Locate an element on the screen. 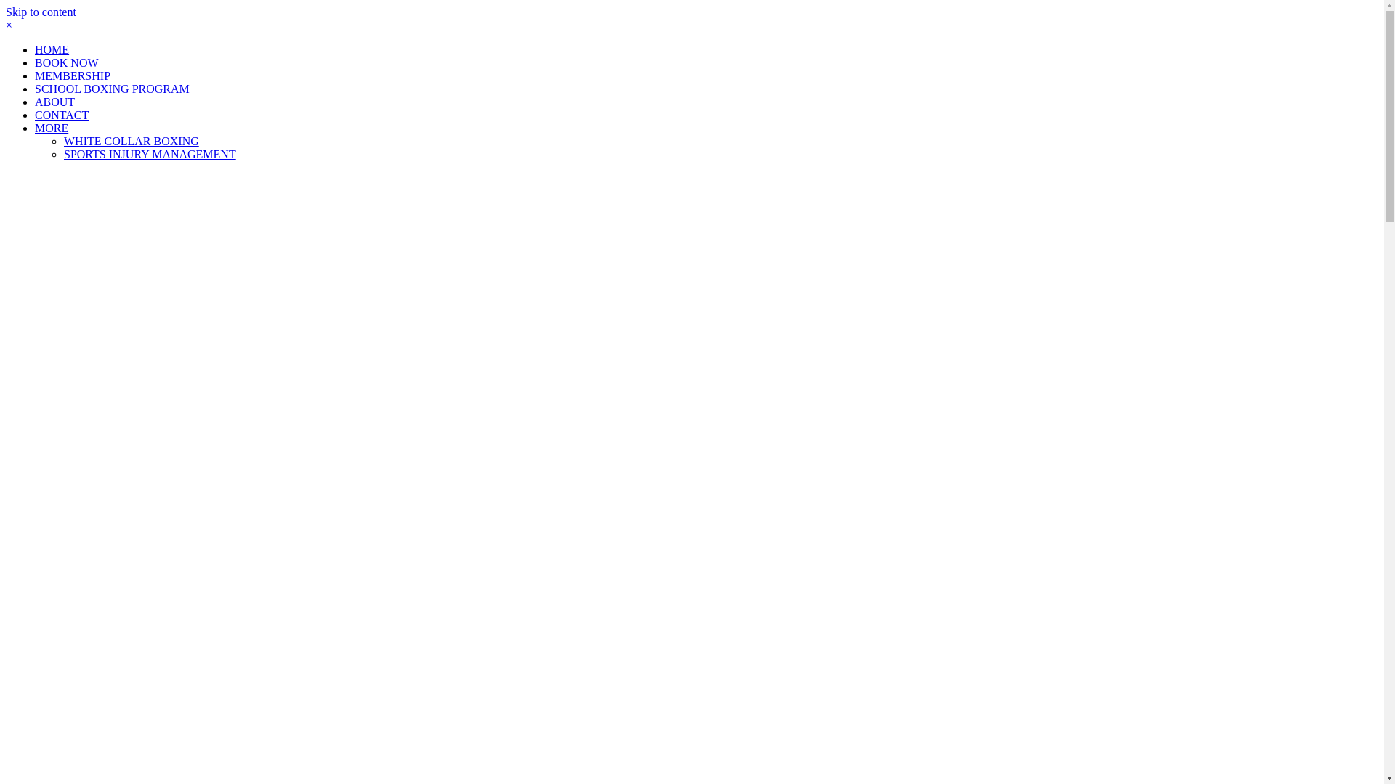 The width and height of the screenshot is (1395, 784). 'MORE' is located at coordinates (52, 127).